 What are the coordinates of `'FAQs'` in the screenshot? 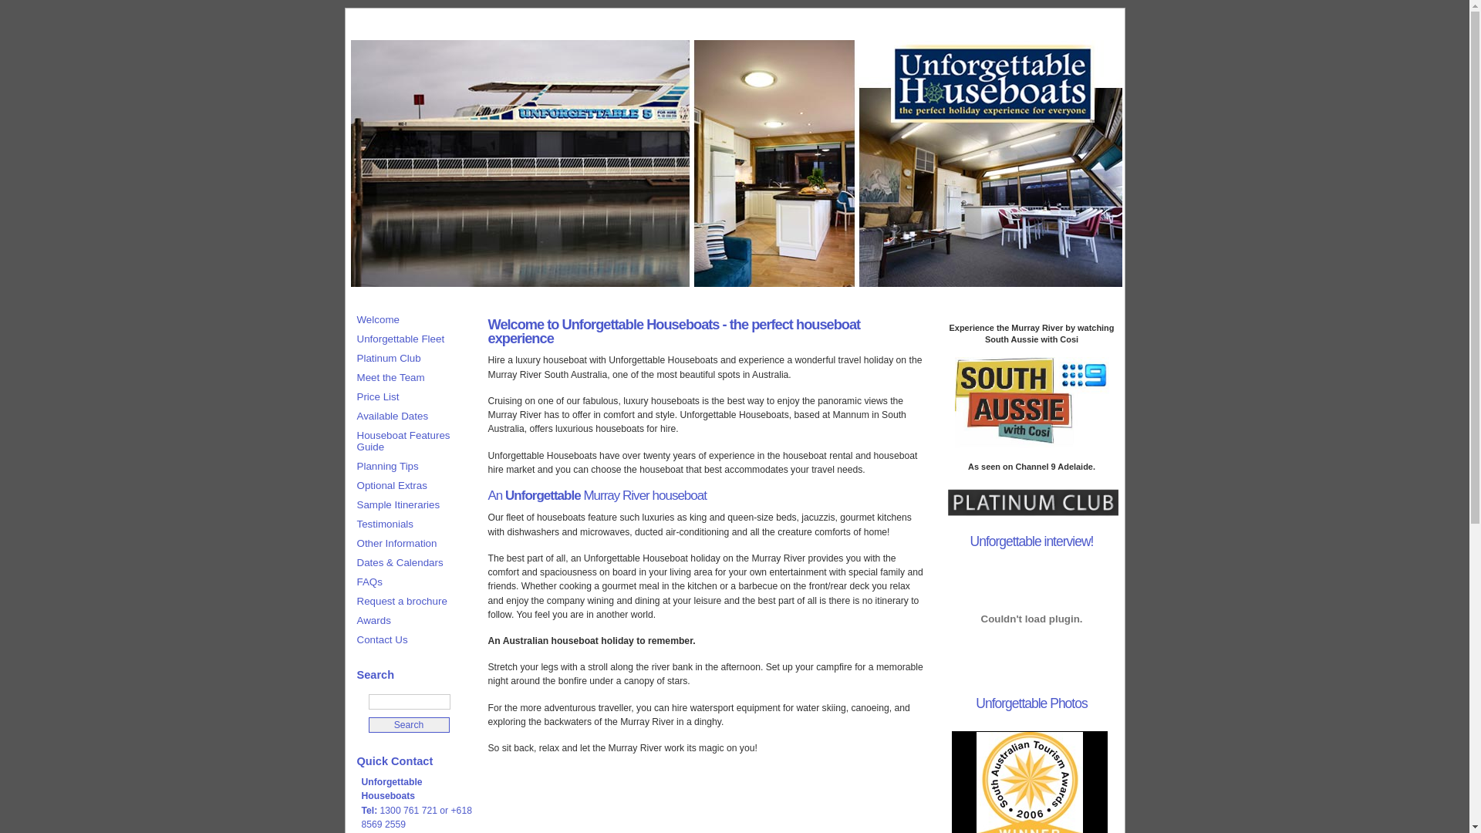 It's located at (412, 582).